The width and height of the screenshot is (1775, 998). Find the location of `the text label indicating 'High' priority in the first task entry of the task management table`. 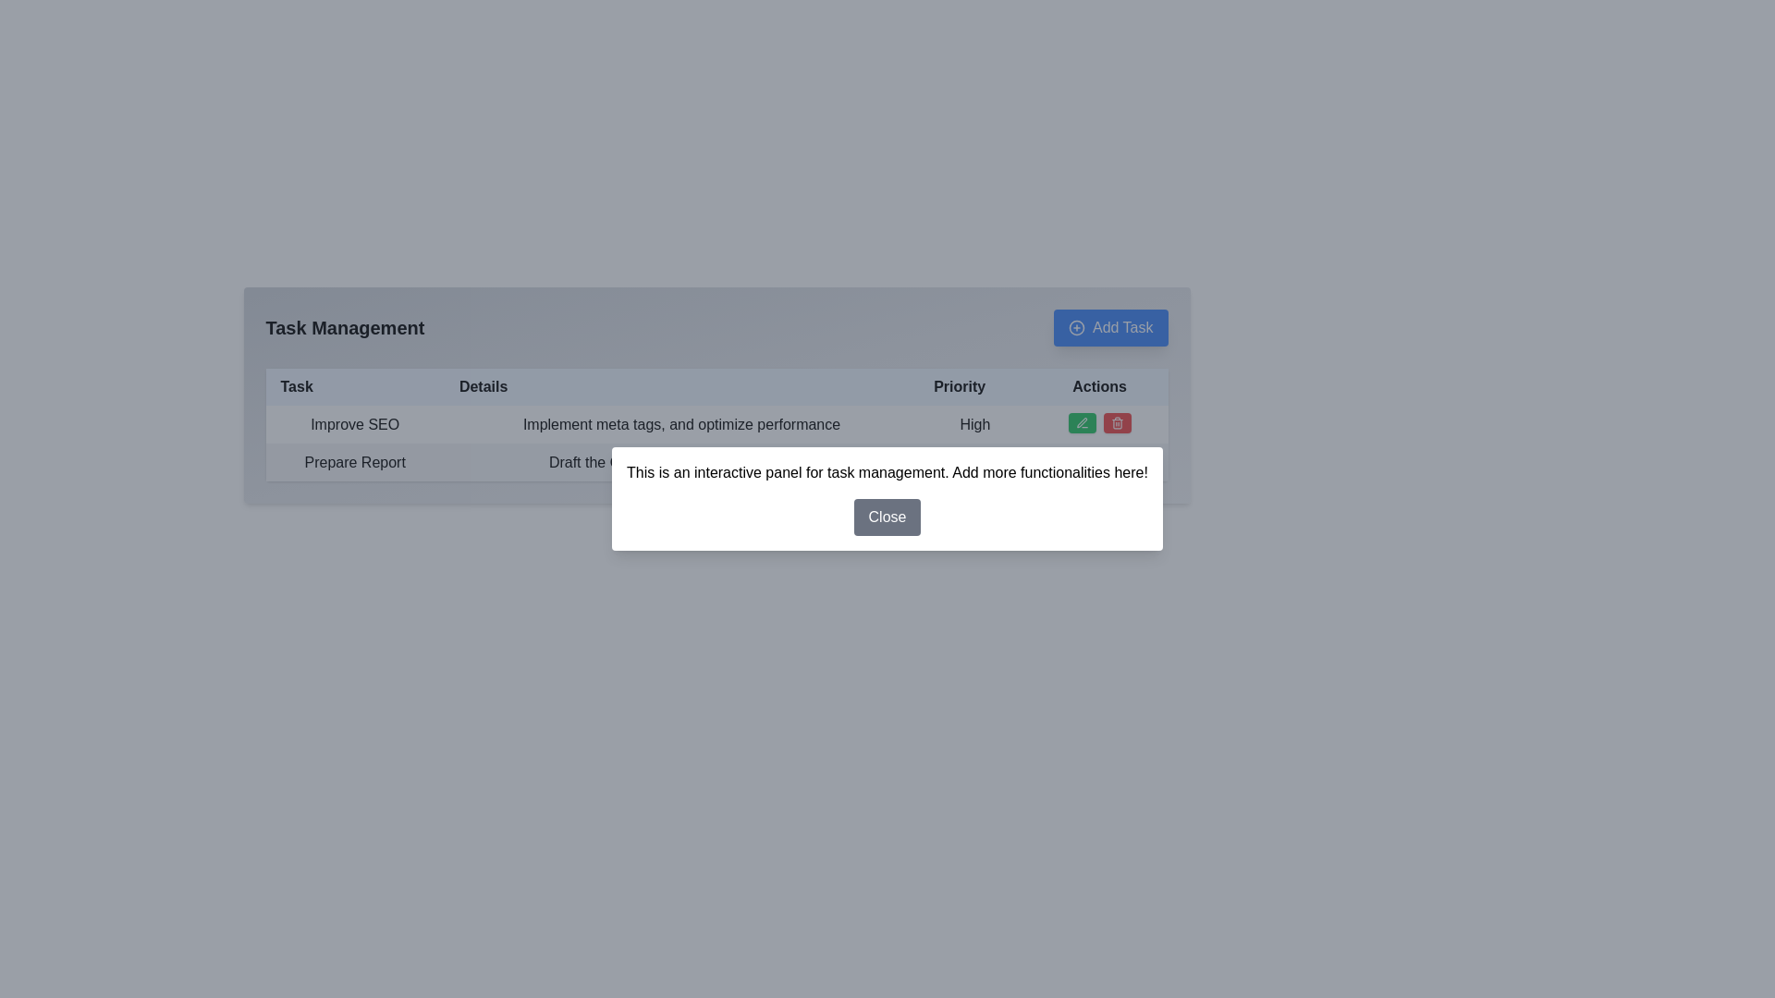

the text label indicating 'High' priority in the first task entry of the task management table is located at coordinates (974, 424).